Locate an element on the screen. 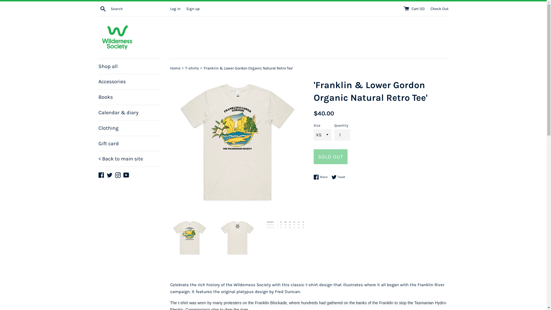 The width and height of the screenshot is (551, 310). 'Gift card' is located at coordinates (129, 143).